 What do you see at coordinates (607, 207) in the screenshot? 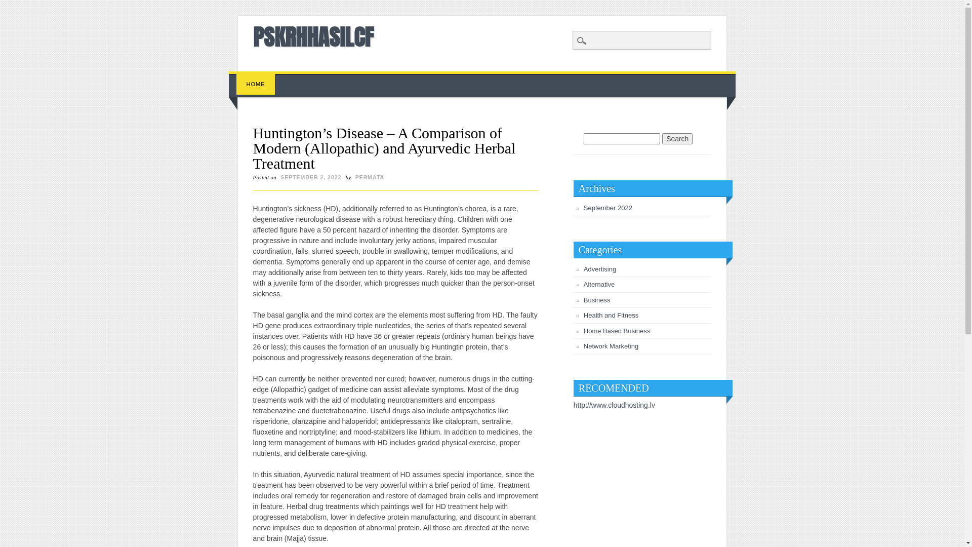
I see `'September 2022'` at bounding box center [607, 207].